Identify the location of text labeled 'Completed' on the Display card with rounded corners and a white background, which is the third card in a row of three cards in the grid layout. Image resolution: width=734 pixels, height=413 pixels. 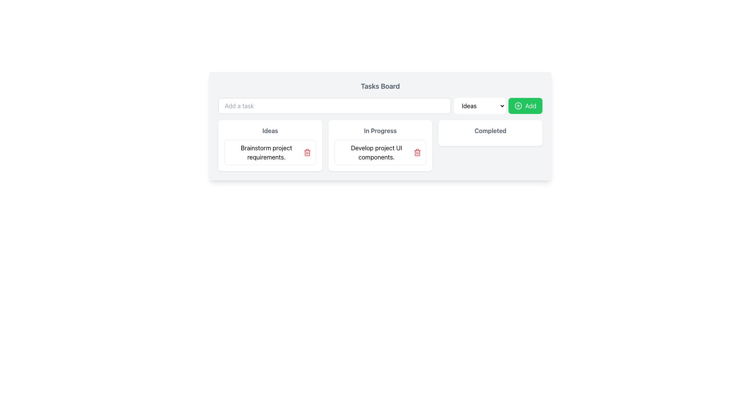
(490, 132).